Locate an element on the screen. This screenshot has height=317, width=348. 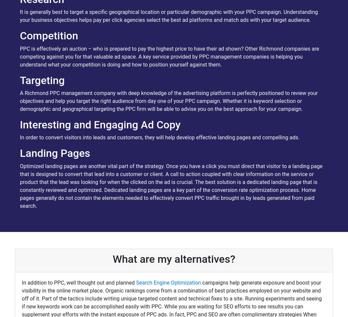
'A Richmond PPC management company with deep knowledge of the advertising platform is perfectly positioned to review your objectives and help you target the right audience from day one of your PPC campaign.
Whether it is keyword selection or demographic and geographical targeting the PPC firm will be able to advise you on the best approach for your campaign.' is located at coordinates (168, 101).